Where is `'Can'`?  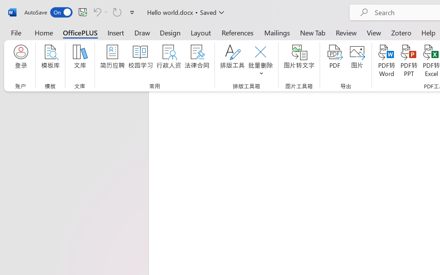
'Can' is located at coordinates (96, 12).